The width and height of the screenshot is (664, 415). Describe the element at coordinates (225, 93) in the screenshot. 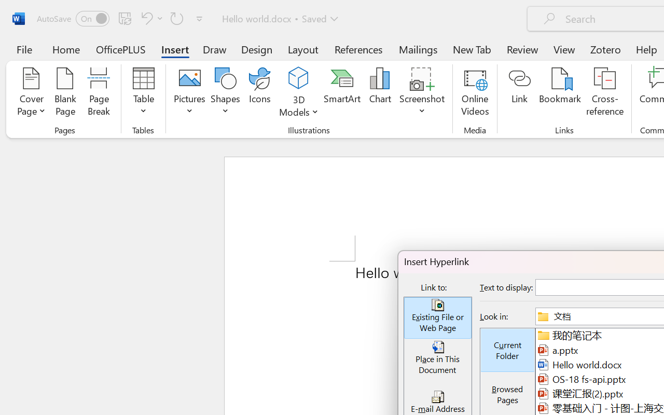

I see `'Shapes'` at that location.